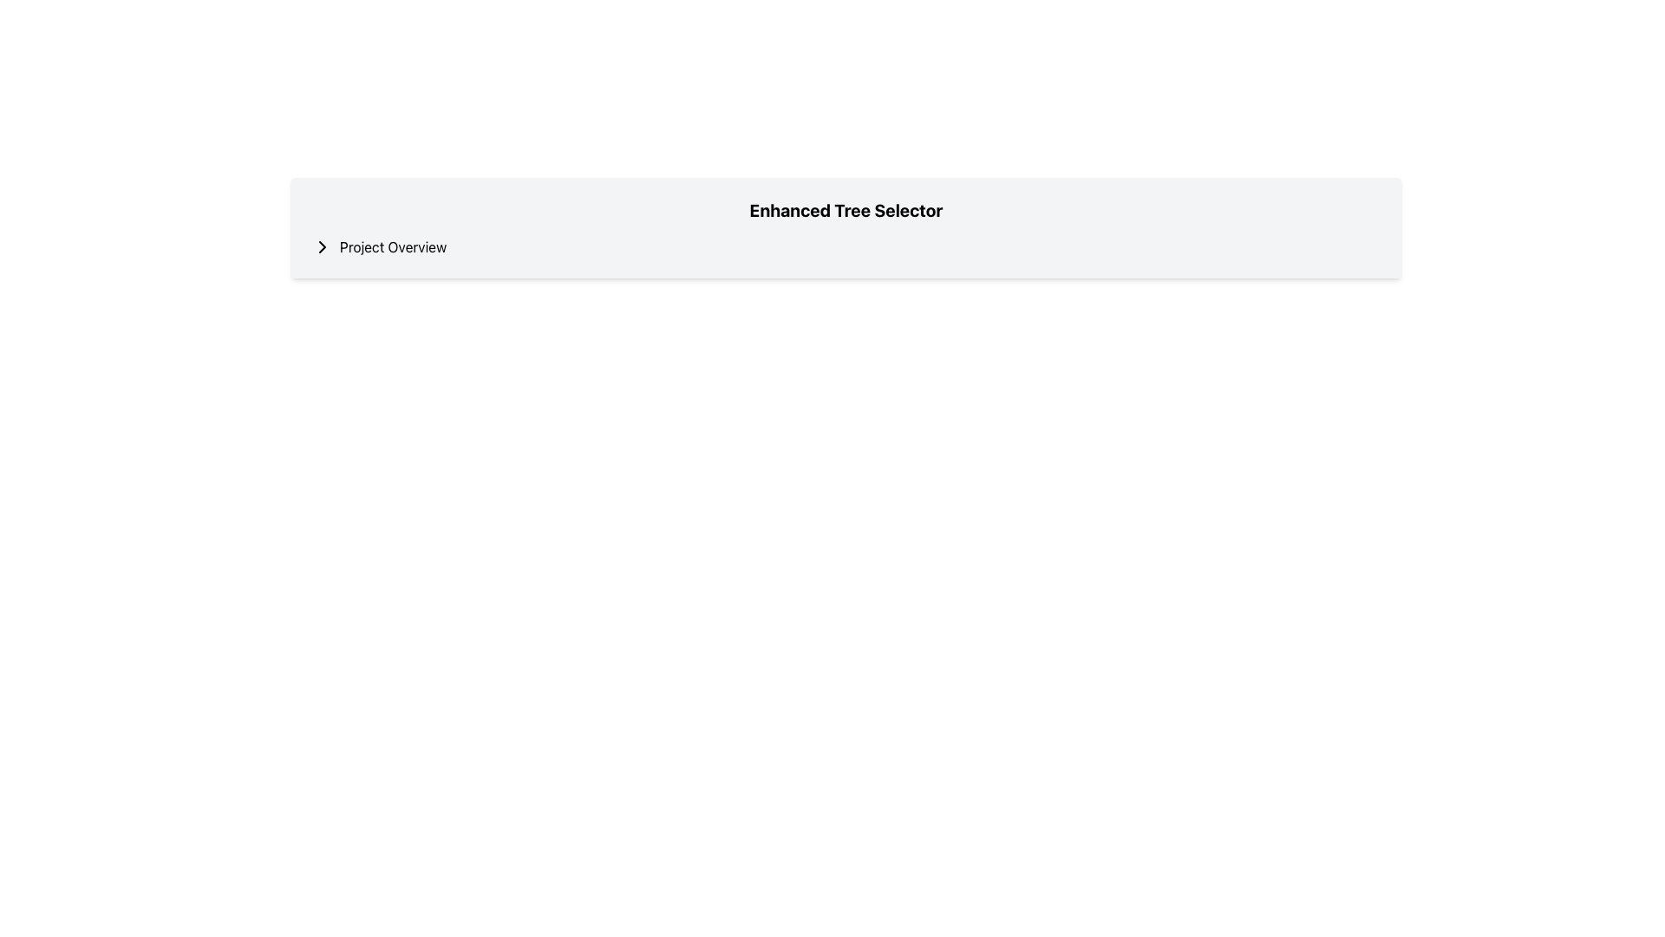 Image resolution: width=1665 pixels, height=937 pixels. Describe the element at coordinates (323, 247) in the screenshot. I see `the navigational icon located immediately to the left of the 'Project Overview' text` at that location.